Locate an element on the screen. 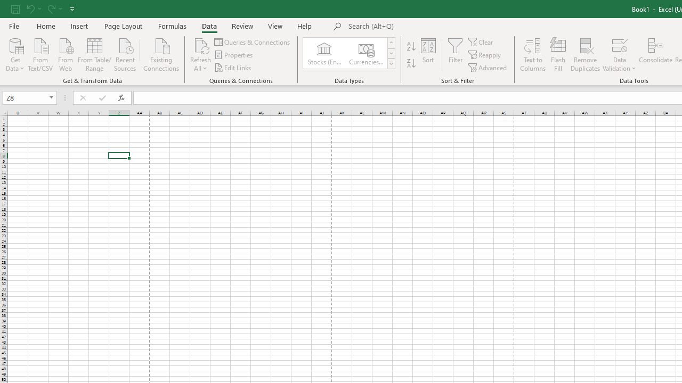  'File Tab' is located at coordinates (14, 25).